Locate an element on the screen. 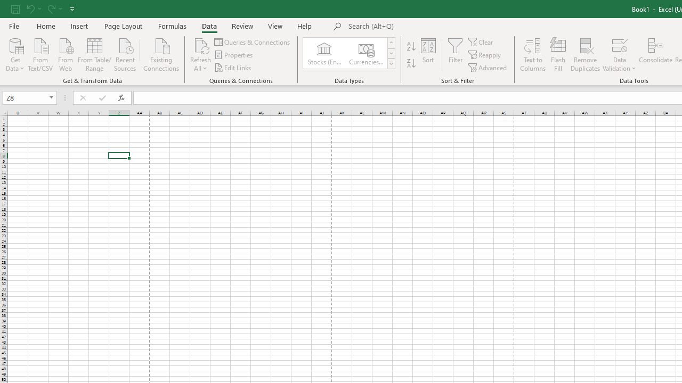  'File Tab' is located at coordinates (14, 25).